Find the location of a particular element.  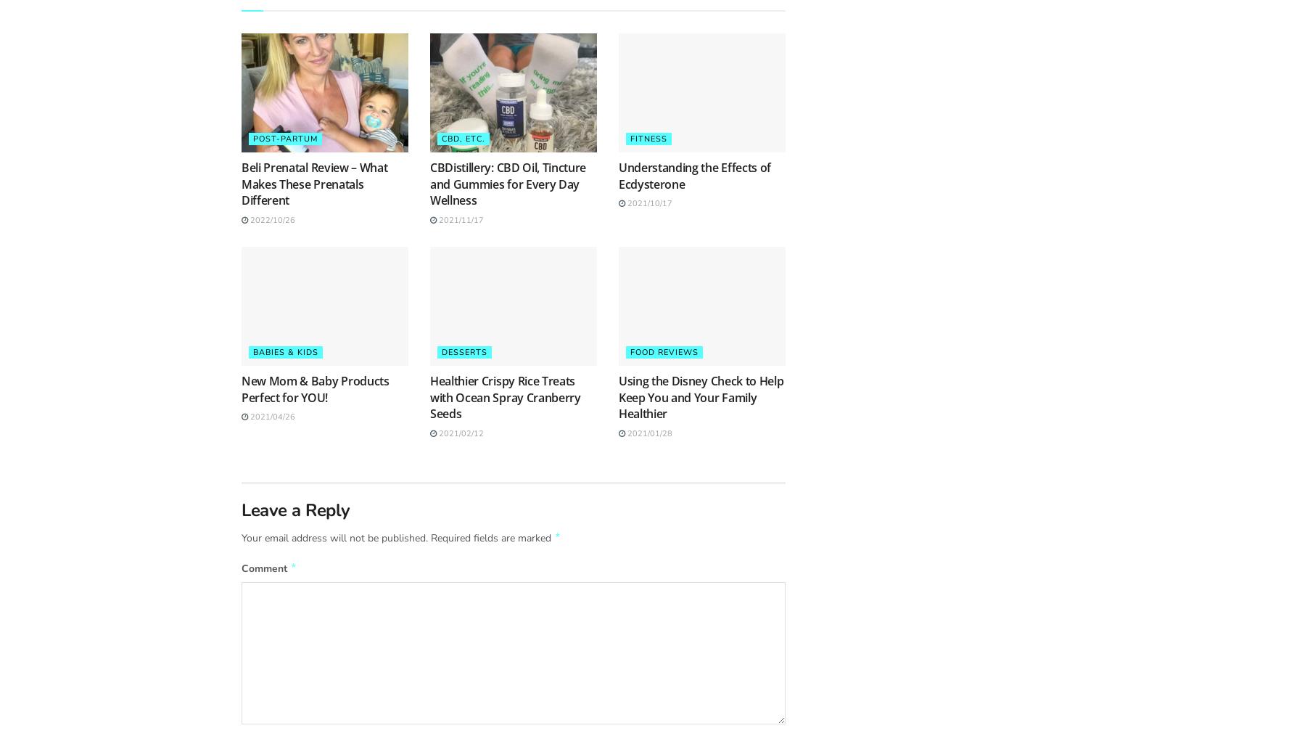

'CBDistillery: CBD Oil, Tincture and Gummies for Every Day Wellness' is located at coordinates (429, 183).